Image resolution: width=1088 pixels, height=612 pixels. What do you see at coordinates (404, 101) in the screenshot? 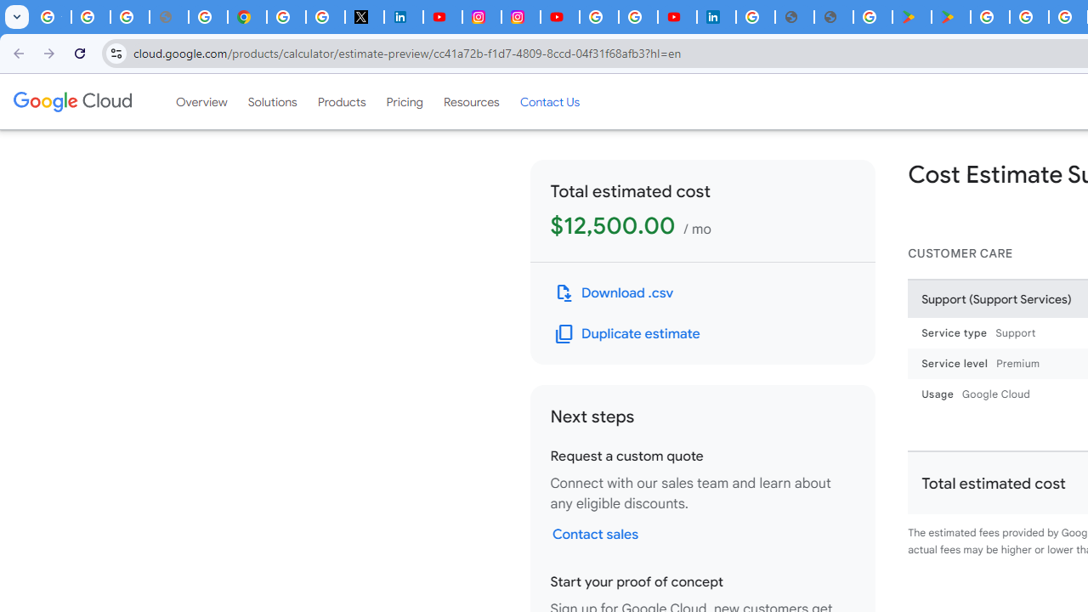
I see `'Pricing'` at bounding box center [404, 101].